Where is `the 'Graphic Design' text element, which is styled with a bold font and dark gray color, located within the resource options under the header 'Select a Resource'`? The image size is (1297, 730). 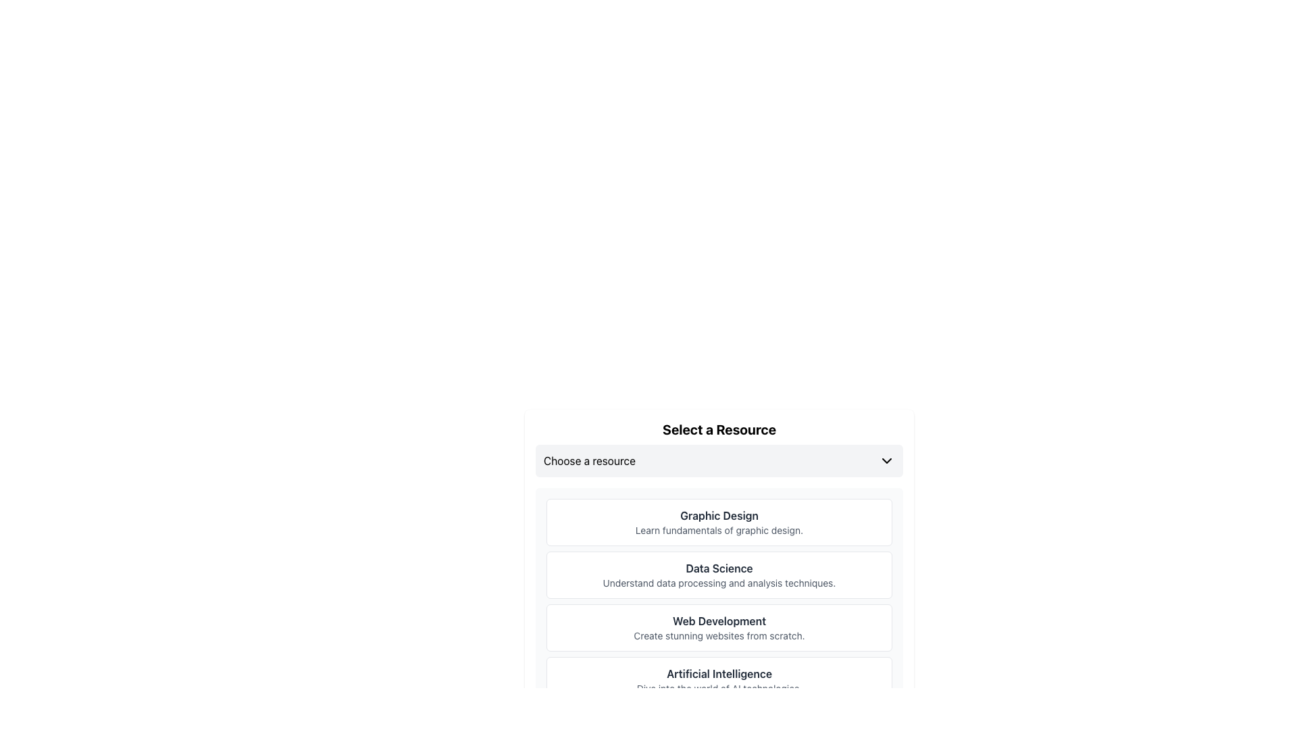 the 'Graphic Design' text element, which is styled with a bold font and dark gray color, located within the resource options under the header 'Select a Resource' is located at coordinates (719, 516).